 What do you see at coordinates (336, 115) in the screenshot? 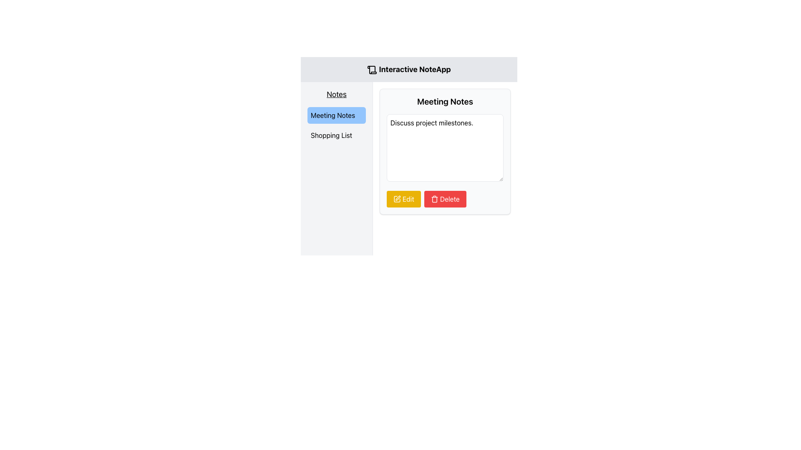
I see `the 'Meeting Notes' button, which has a blue background and black text, located at the top of the vertical sidebar menu` at bounding box center [336, 115].